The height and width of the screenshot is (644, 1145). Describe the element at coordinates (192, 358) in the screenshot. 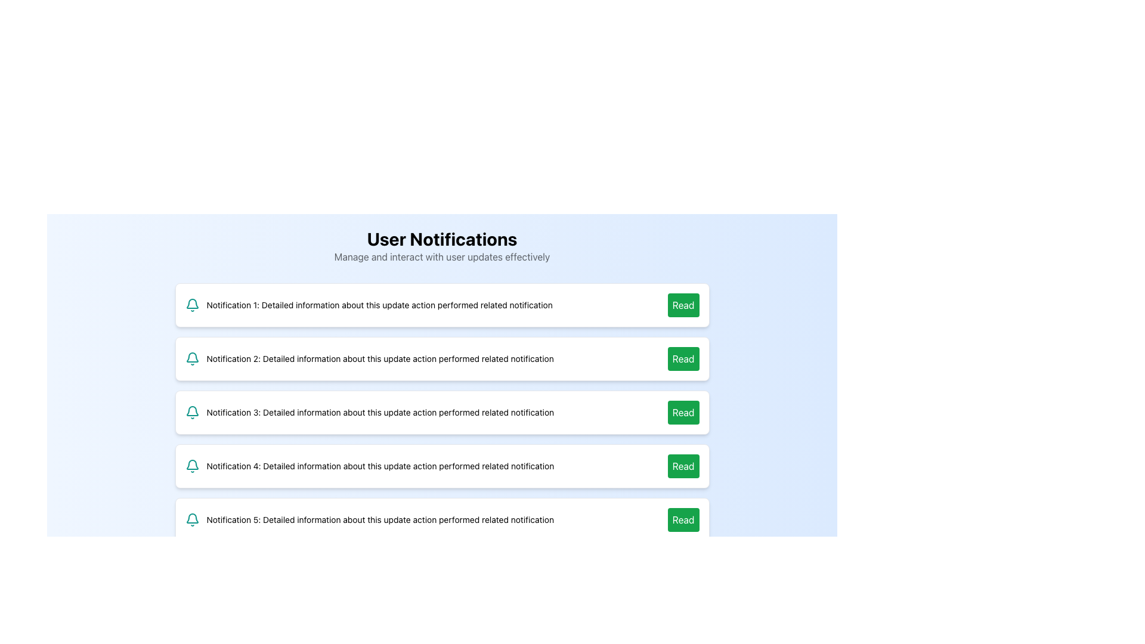

I see `the notification indicator icon located at the start of the second notification entry that begins with 'Notification 2:'` at that location.